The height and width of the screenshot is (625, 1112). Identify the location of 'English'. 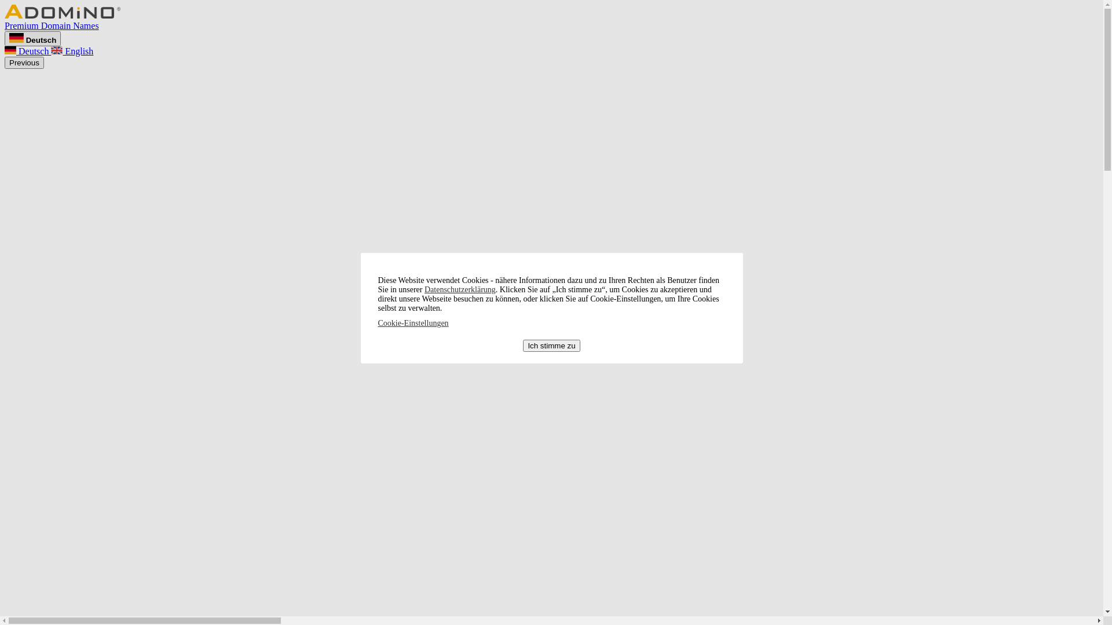
(50, 50).